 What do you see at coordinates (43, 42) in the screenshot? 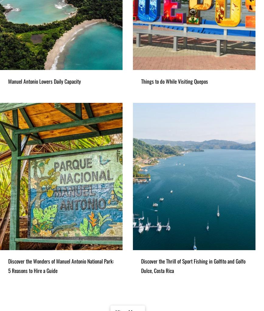
I see `'Combo Saddle and Paddle'` at bounding box center [43, 42].